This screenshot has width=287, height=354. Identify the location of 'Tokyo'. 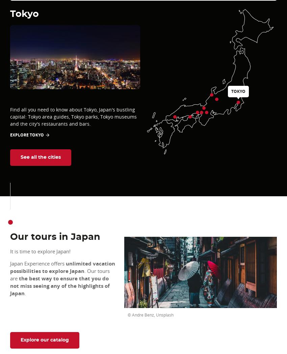
(24, 14).